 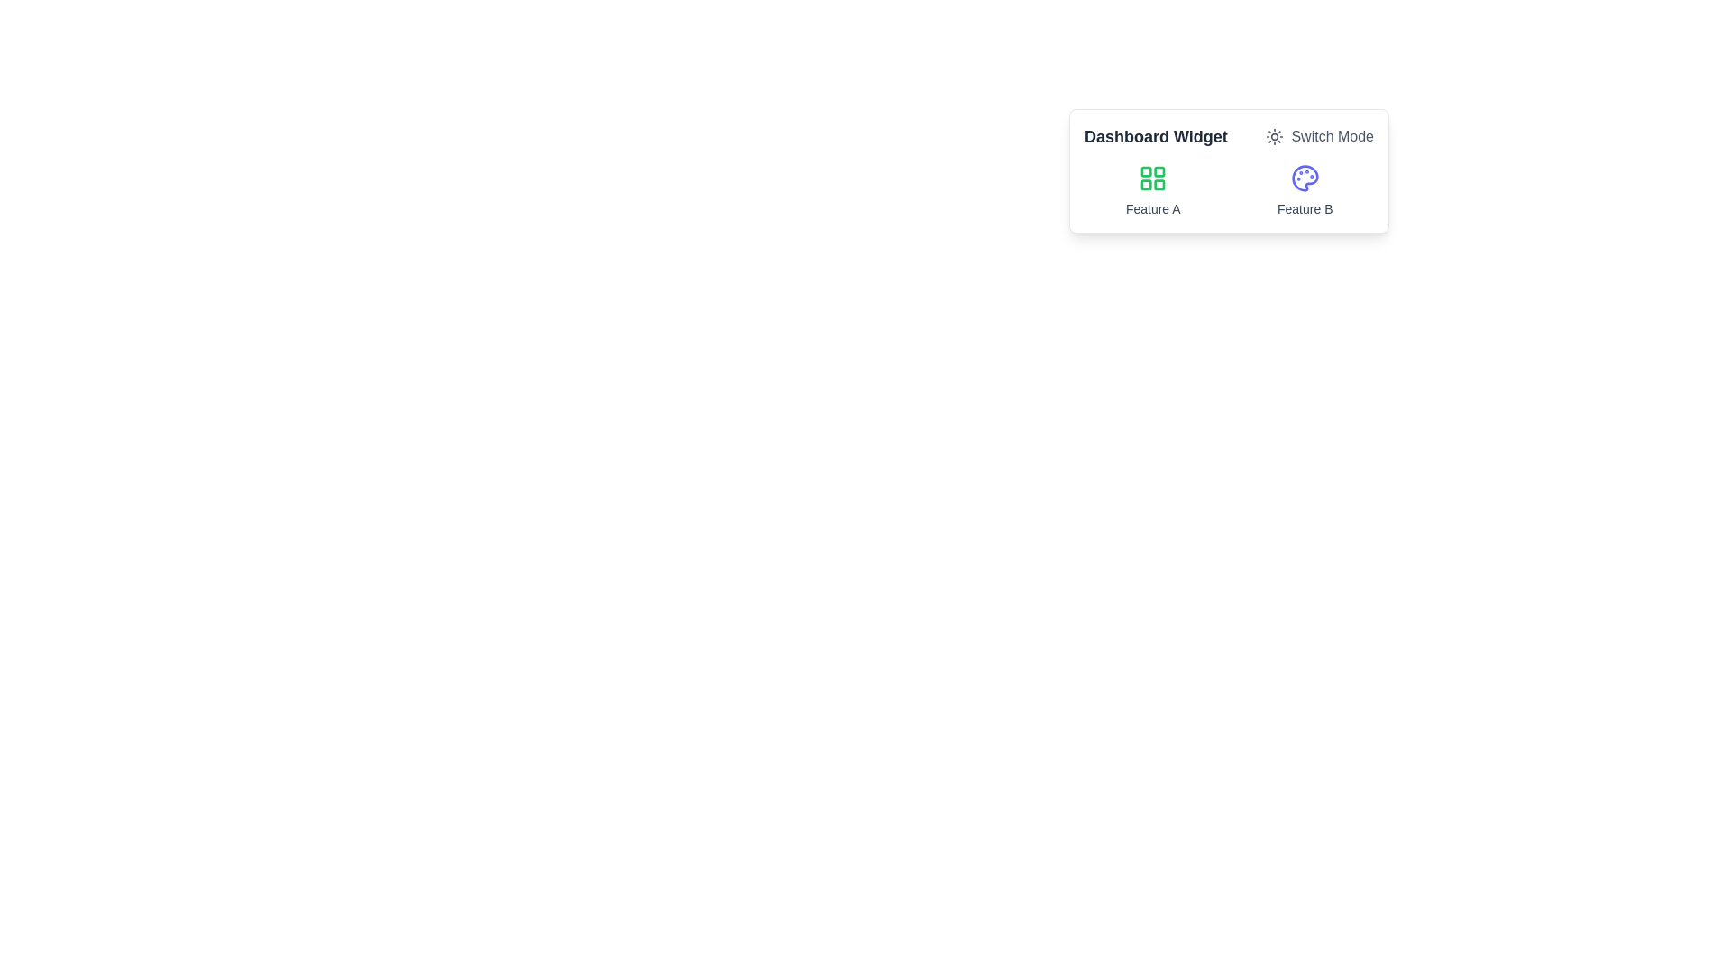 What do you see at coordinates (1333, 135) in the screenshot?
I see `the Text Label that identifies the mode-switching functionality within the Dashboard Widget, located in the top right, adjacent to the sun icon and above Feature A and Feature B` at bounding box center [1333, 135].